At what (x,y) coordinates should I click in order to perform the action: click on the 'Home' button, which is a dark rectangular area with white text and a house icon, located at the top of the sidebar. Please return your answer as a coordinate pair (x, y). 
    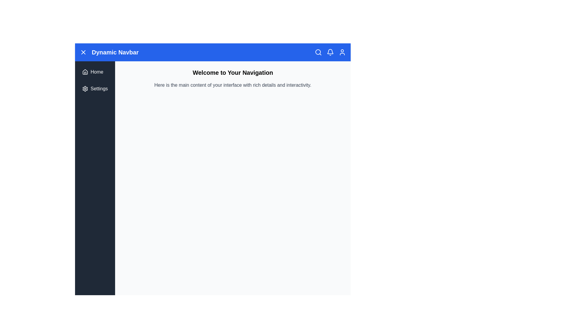
    Looking at the image, I should click on (94, 71).